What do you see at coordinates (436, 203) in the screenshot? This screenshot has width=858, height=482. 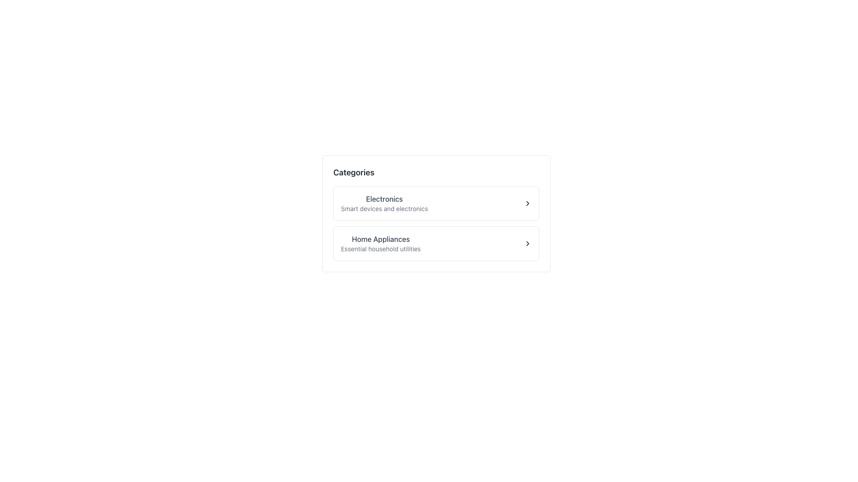 I see `the 'Electronics' Button, which is the first item in a vertical list of navigation buttons` at bounding box center [436, 203].